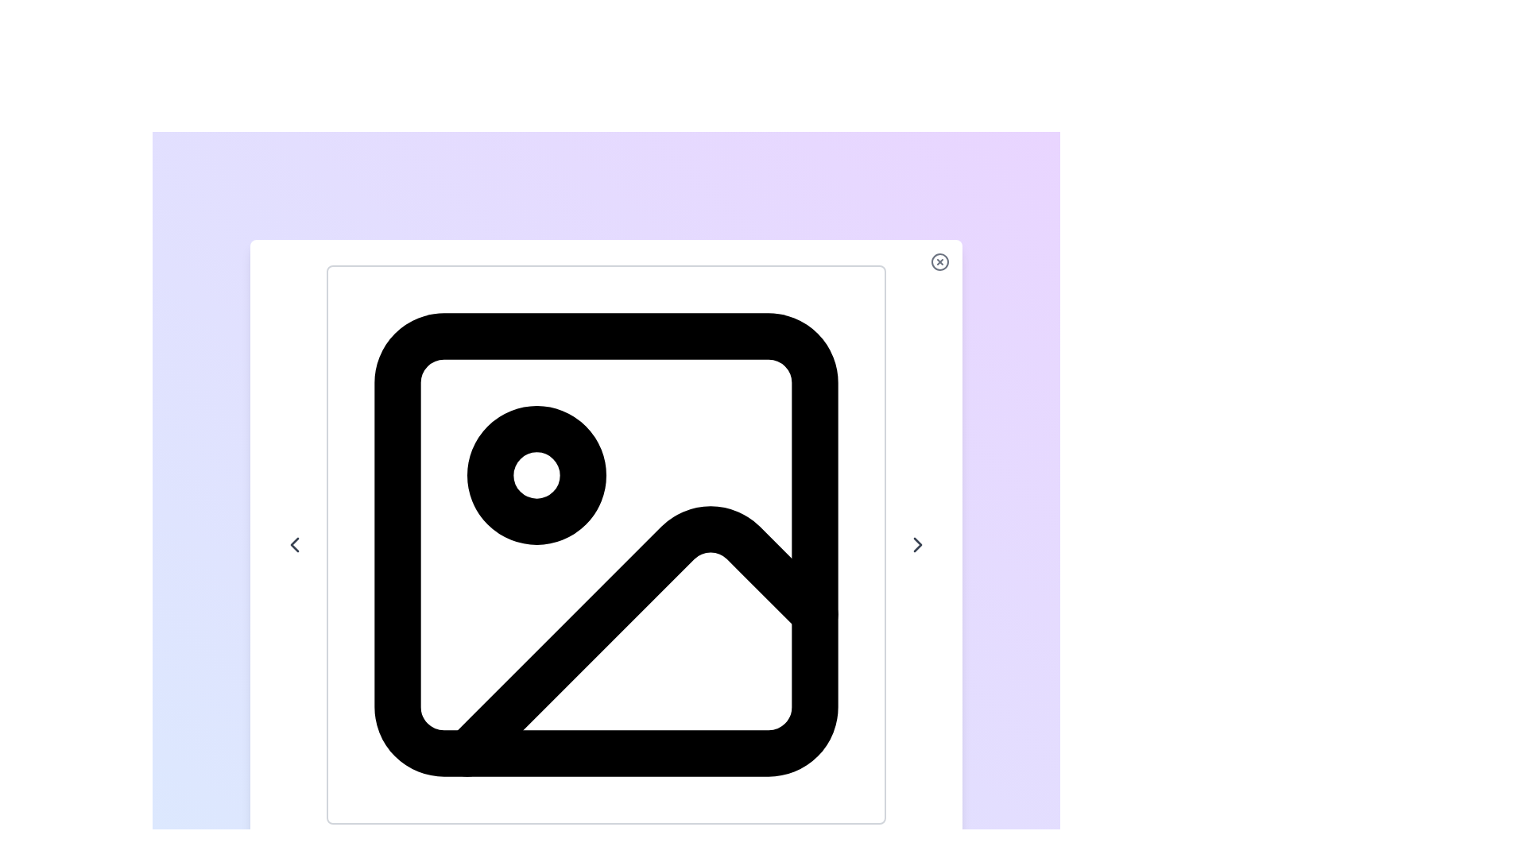 Image resolution: width=1526 pixels, height=858 pixels. What do you see at coordinates (939, 261) in the screenshot?
I see `the SVG circle element located in the top-right corner of the interface, which is part of an interactive graphical component` at bounding box center [939, 261].